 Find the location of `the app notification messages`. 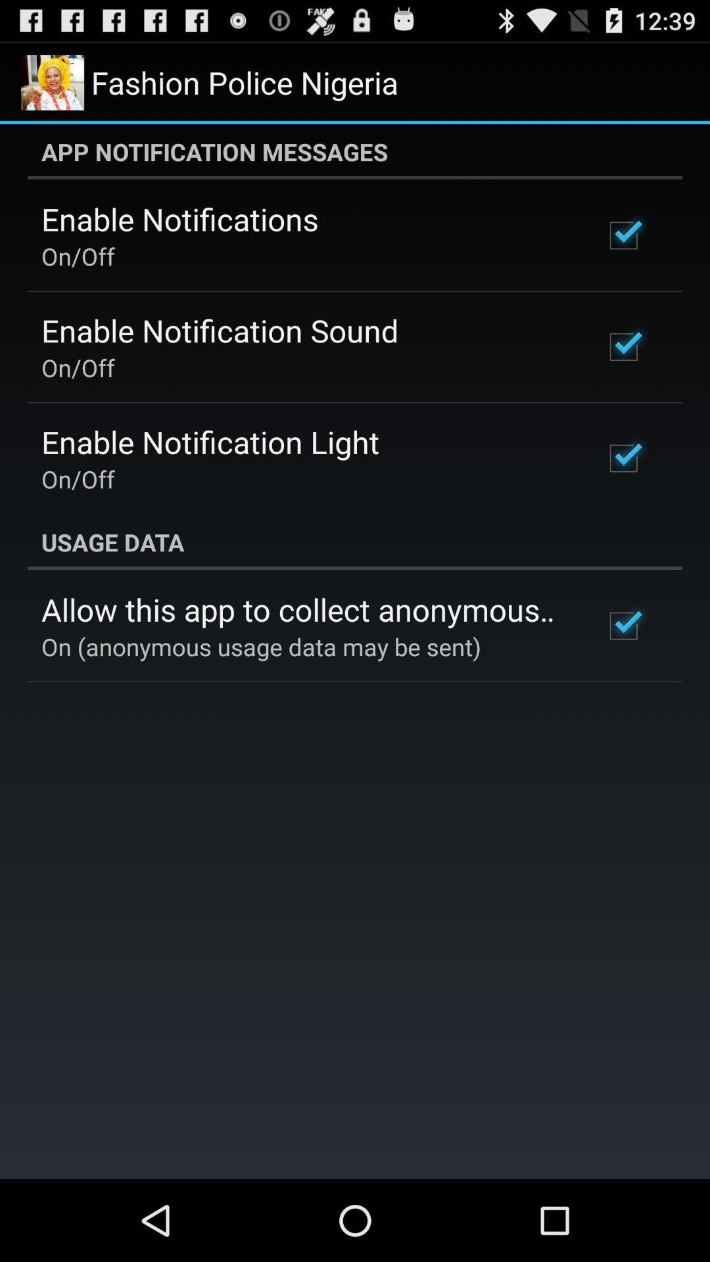

the app notification messages is located at coordinates (355, 151).